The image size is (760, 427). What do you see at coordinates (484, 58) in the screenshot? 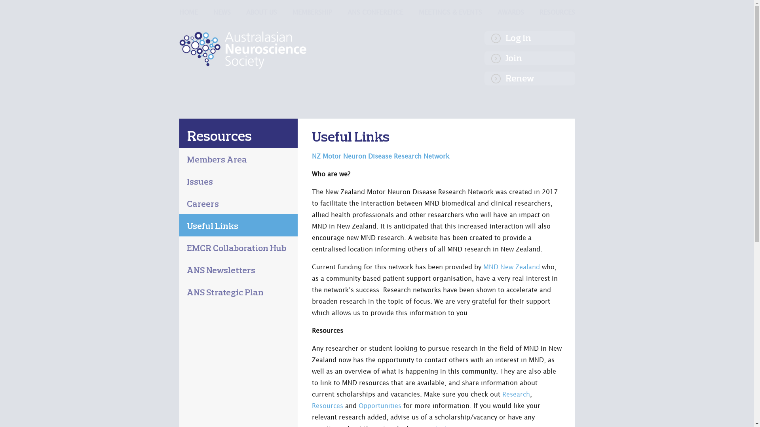
I see `'Join'` at bounding box center [484, 58].